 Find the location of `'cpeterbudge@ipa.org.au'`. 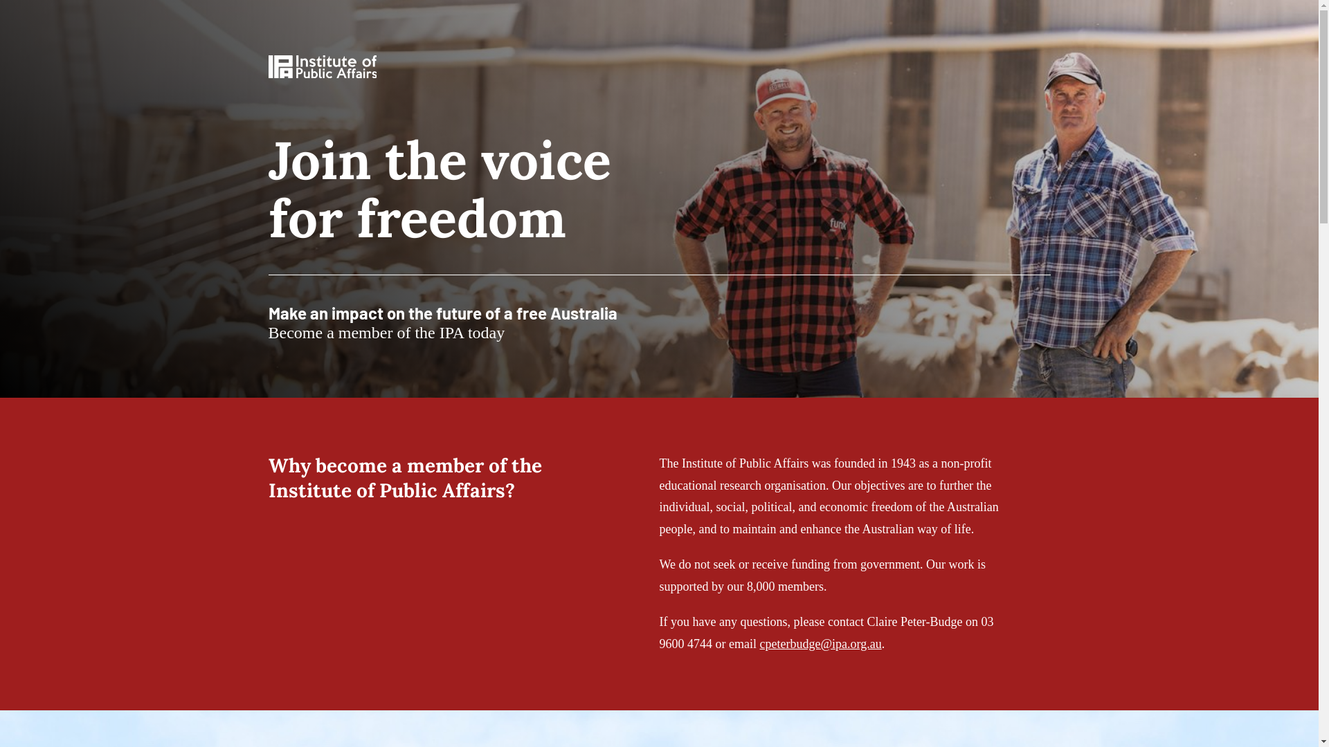

'cpeterbudge@ipa.org.au' is located at coordinates (759, 643).